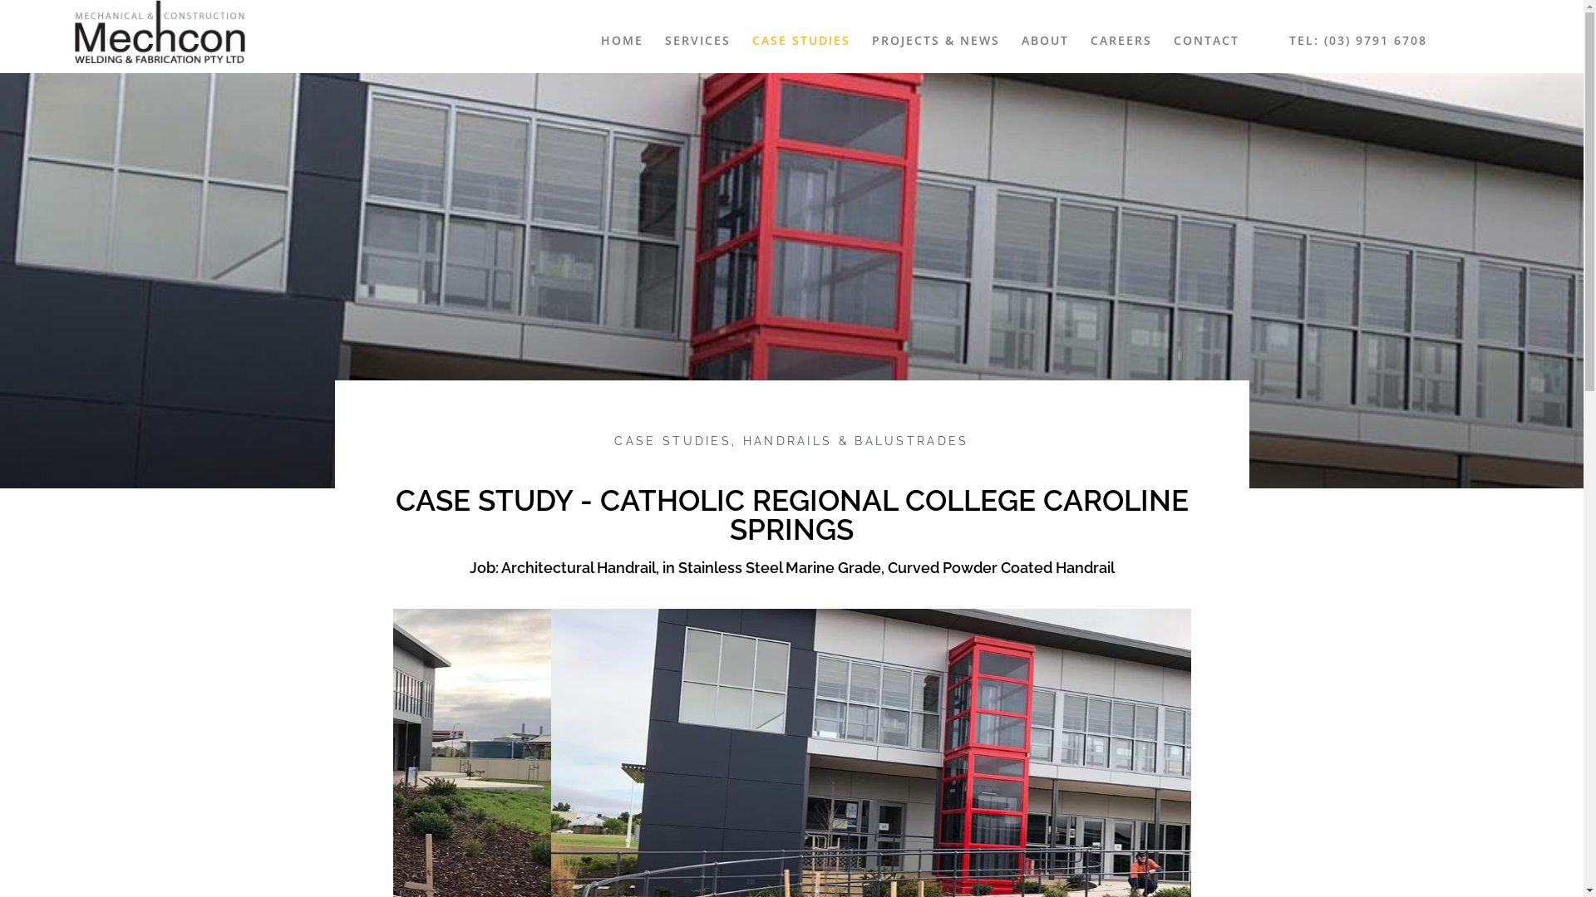  I want to click on 'CASE STUDIES', so click(801, 40).